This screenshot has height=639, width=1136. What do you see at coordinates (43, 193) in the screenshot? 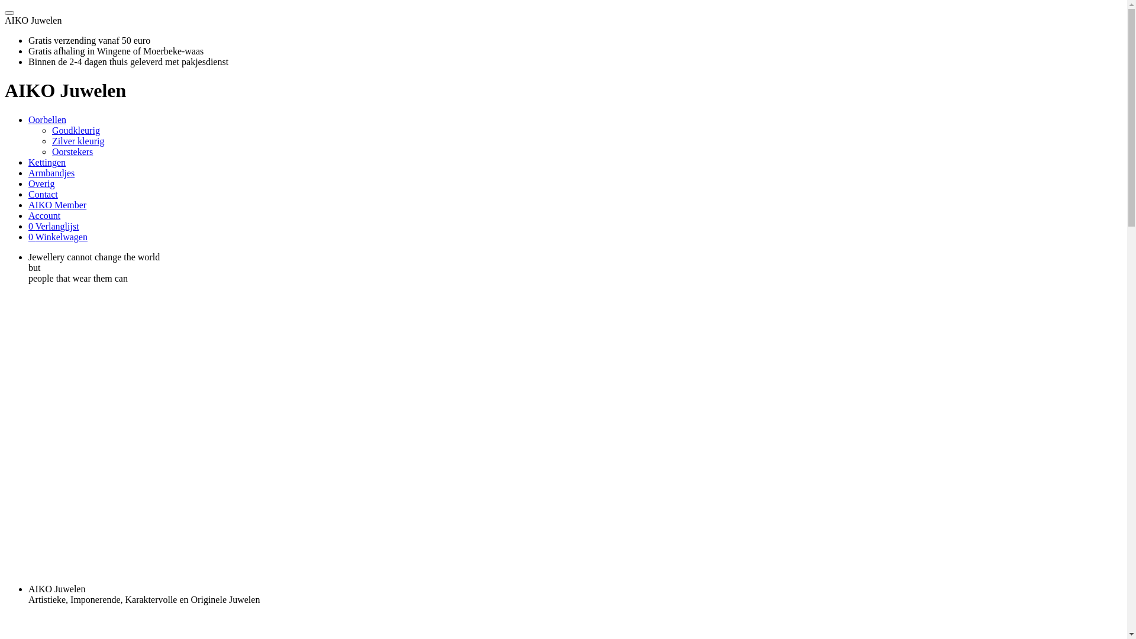
I see `'Contact'` at bounding box center [43, 193].